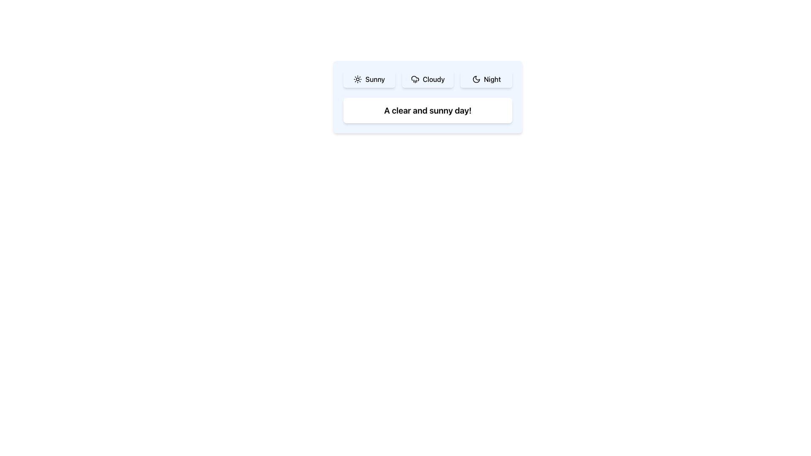 This screenshot has width=811, height=456. I want to click on the first button labeled 'Sunny', which has a light gray background and a sun icon, so click(369, 79).